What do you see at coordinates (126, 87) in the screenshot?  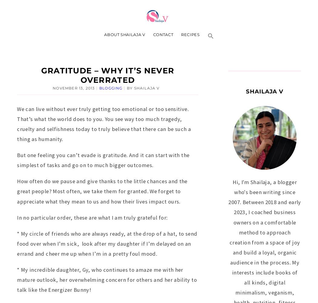 I see `'by'` at bounding box center [126, 87].